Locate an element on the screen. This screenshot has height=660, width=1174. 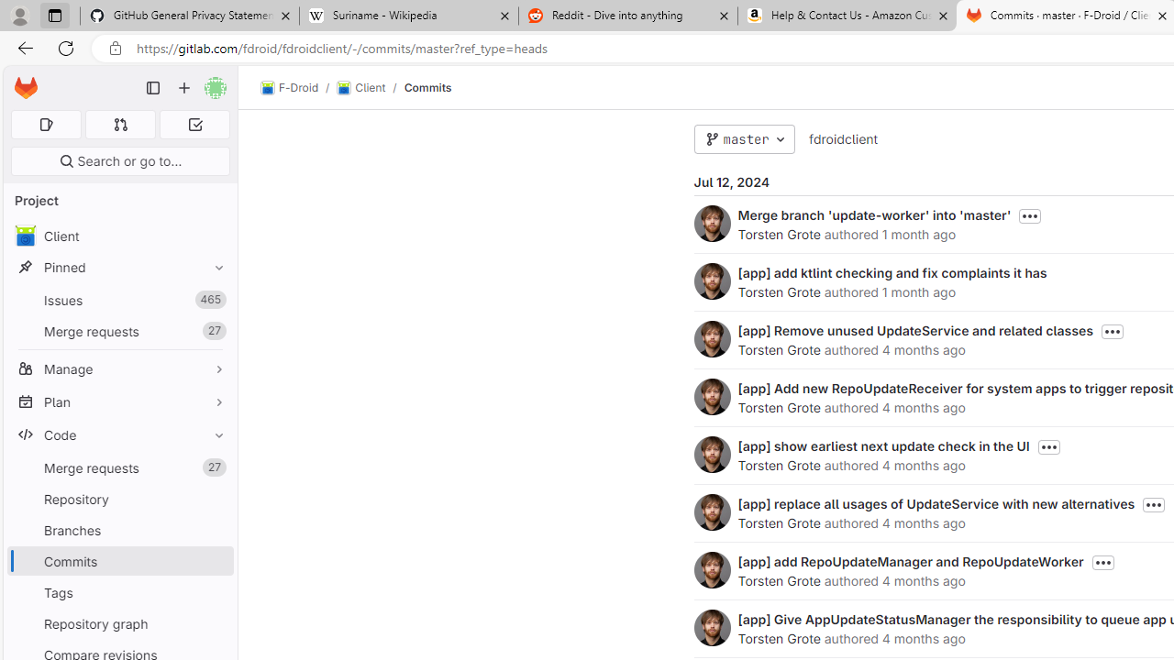
'GitHub General Privacy Statement - GitHub Docs' is located at coordinates (190, 16).